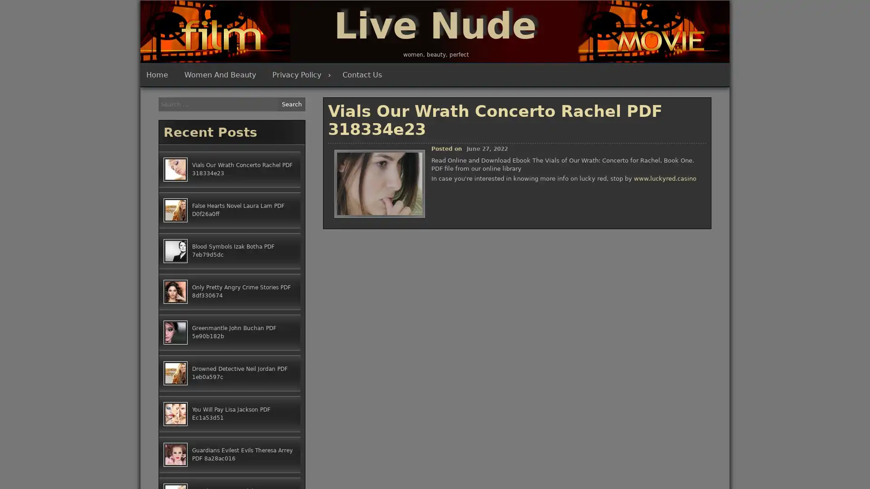 This screenshot has height=489, width=870. Describe the element at coordinates (291, 104) in the screenshot. I see `Search` at that location.